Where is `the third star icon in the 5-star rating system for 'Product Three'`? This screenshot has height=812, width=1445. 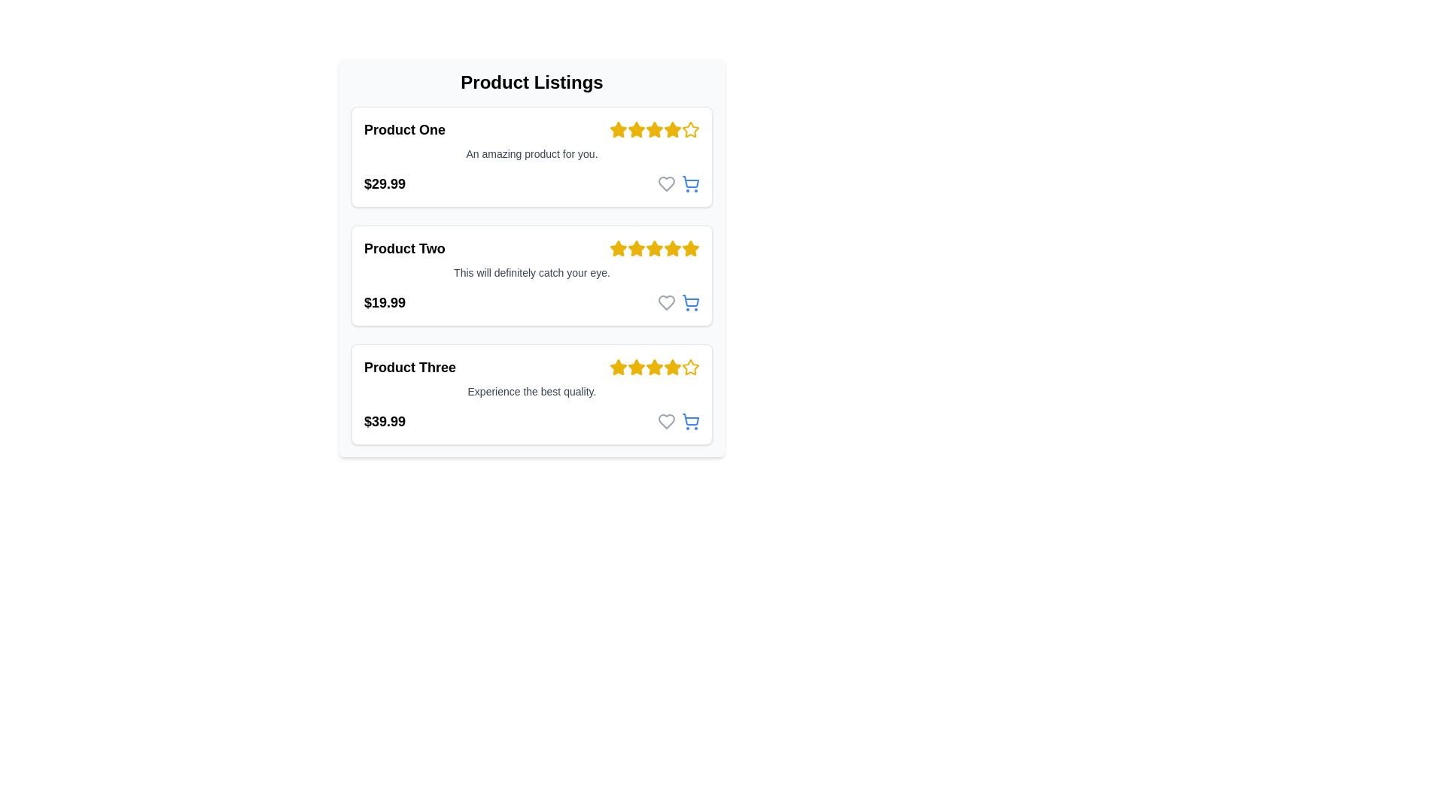 the third star icon in the 5-star rating system for 'Product Three' is located at coordinates (618, 367).